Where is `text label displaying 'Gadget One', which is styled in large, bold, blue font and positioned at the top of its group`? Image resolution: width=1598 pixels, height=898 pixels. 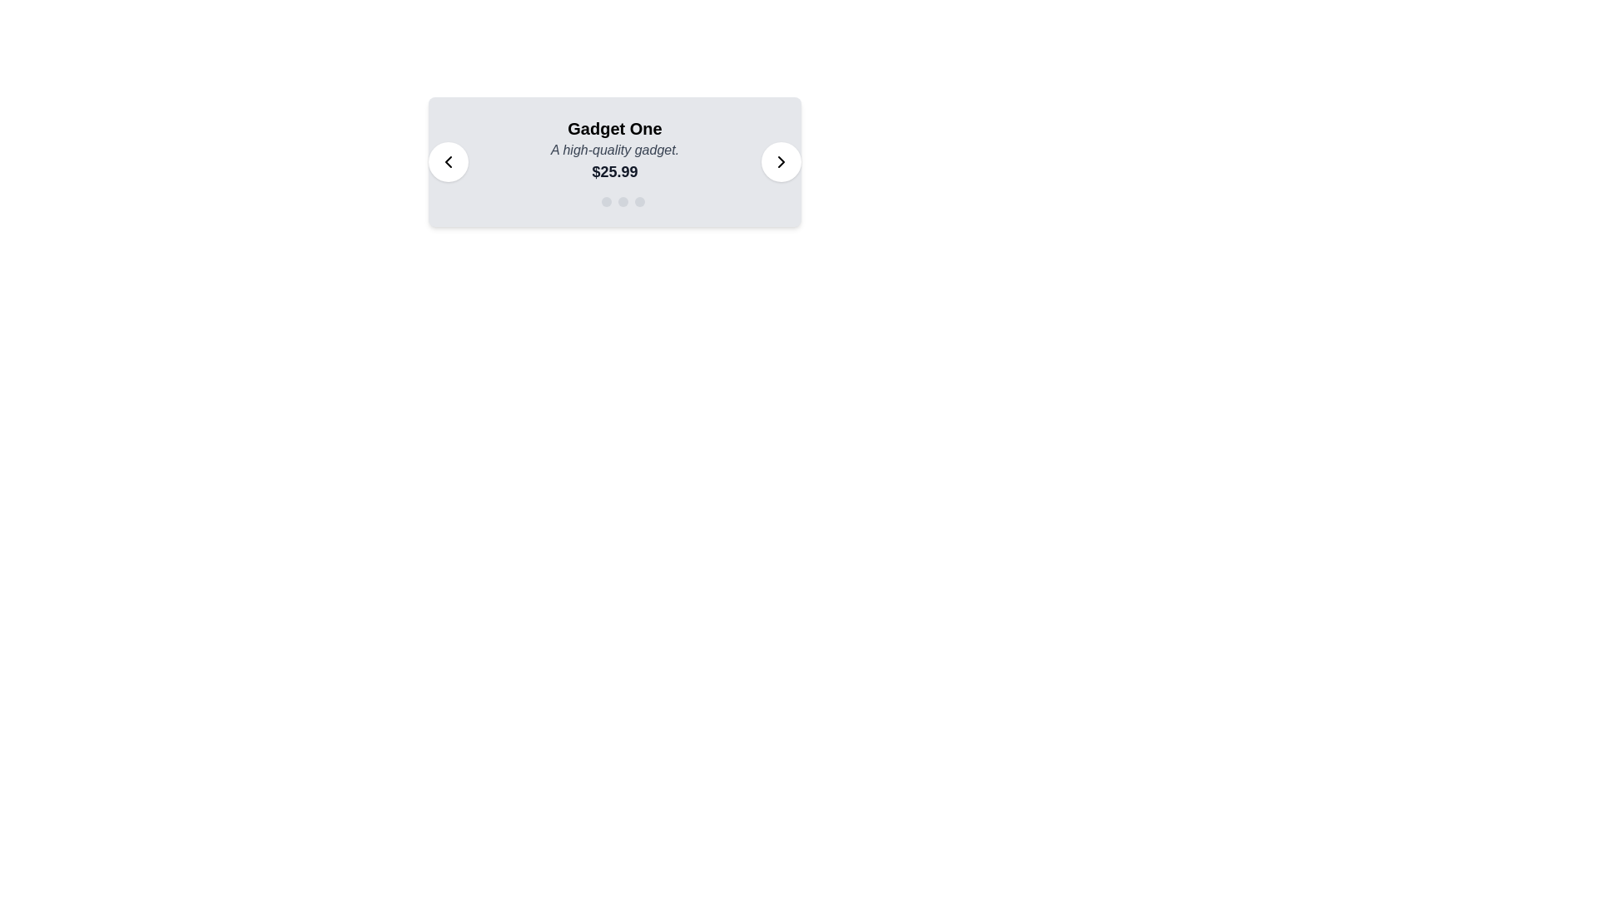
text label displaying 'Gadget One', which is styled in large, bold, blue font and positioned at the top of its group is located at coordinates (614, 127).